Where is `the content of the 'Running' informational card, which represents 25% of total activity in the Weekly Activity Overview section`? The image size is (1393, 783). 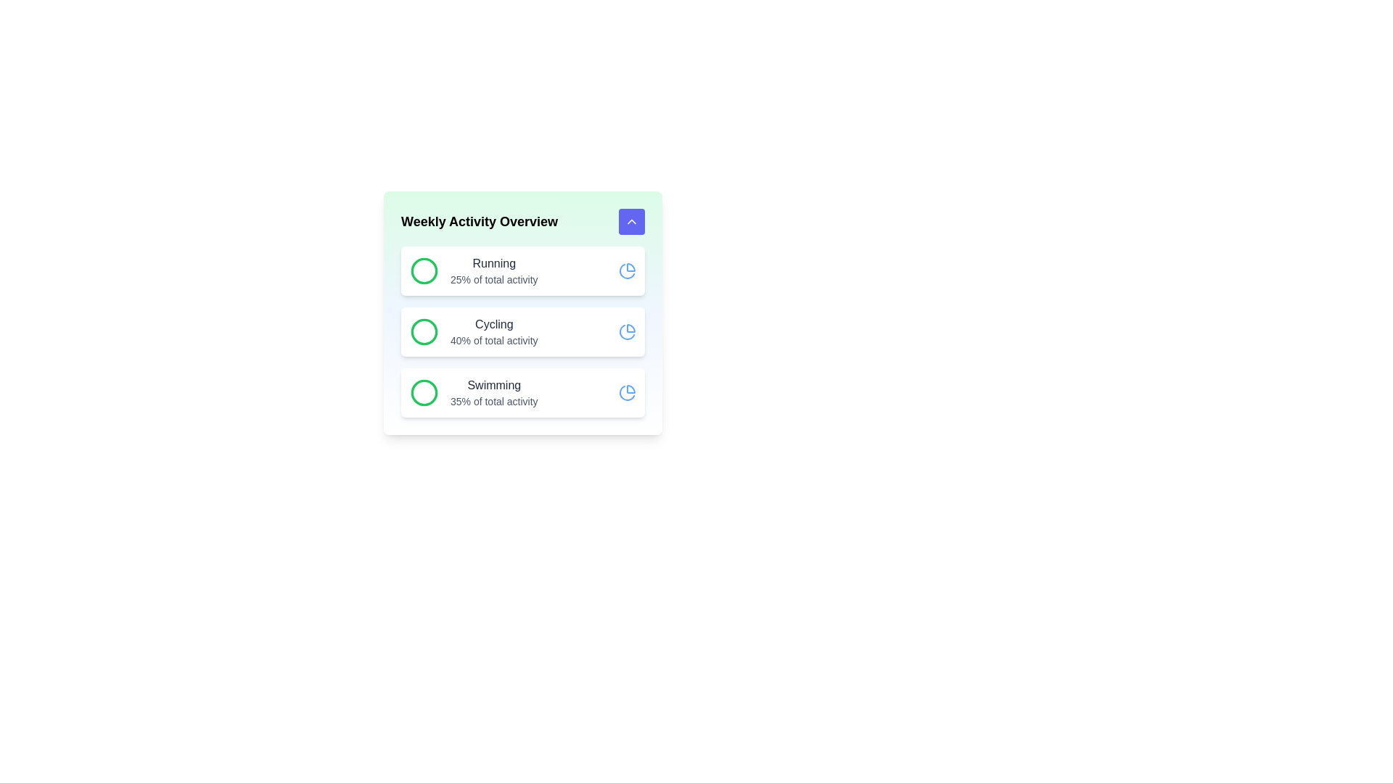 the content of the 'Running' informational card, which represents 25% of total activity in the Weekly Activity Overview section is located at coordinates (522, 271).